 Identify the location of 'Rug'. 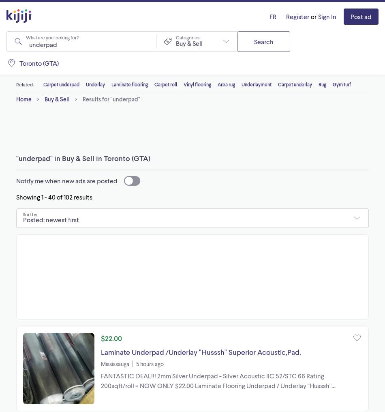
(322, 84).